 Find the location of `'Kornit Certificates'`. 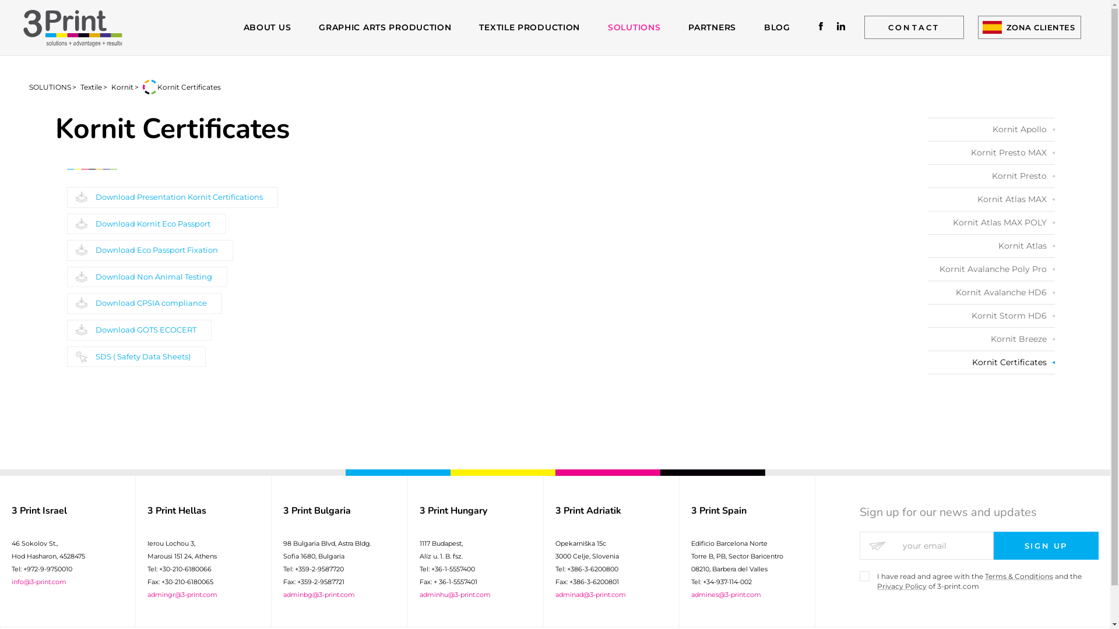

'Kornit Certificates' is located at coordinates (990, 362).